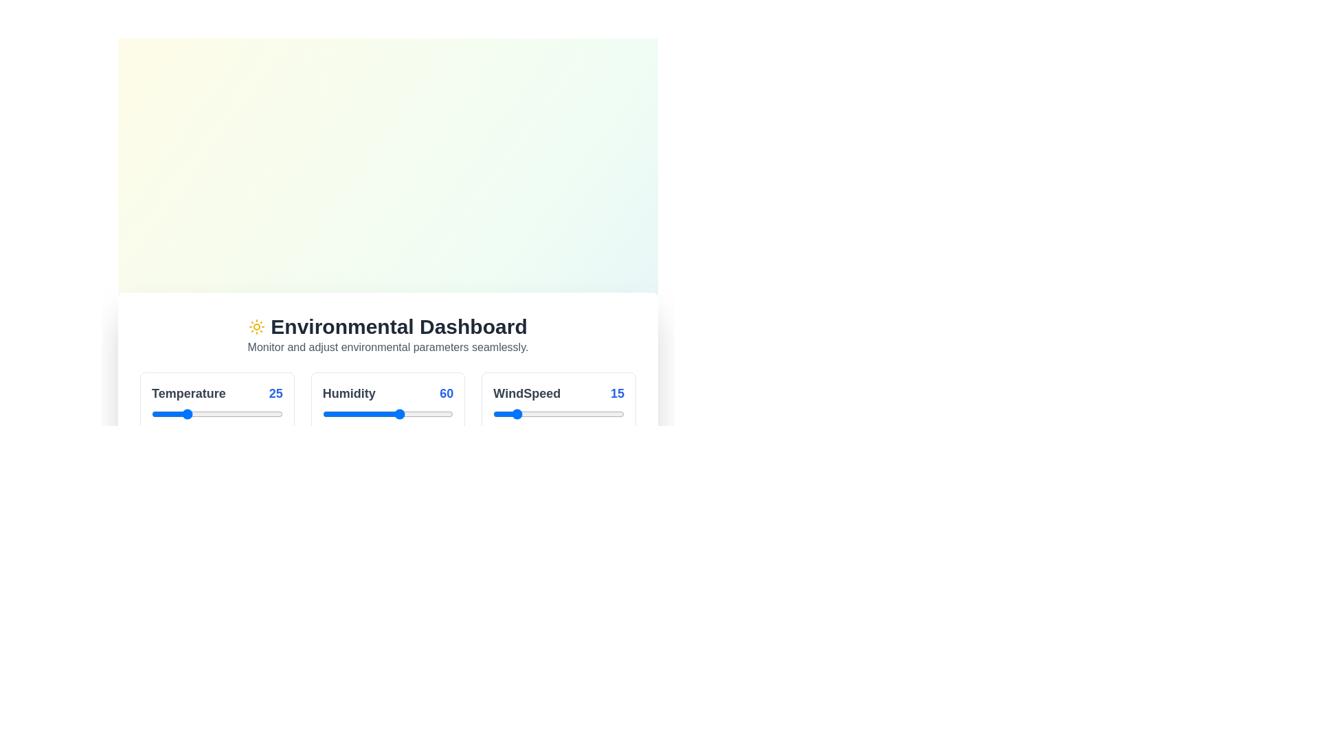  I want to click on the text labels indicating the minimum and maximum range values for humidity, located in the 'Humidity' section of the dashboard, below the range slider and between the '0' and '100' labels, so click(387, 436).